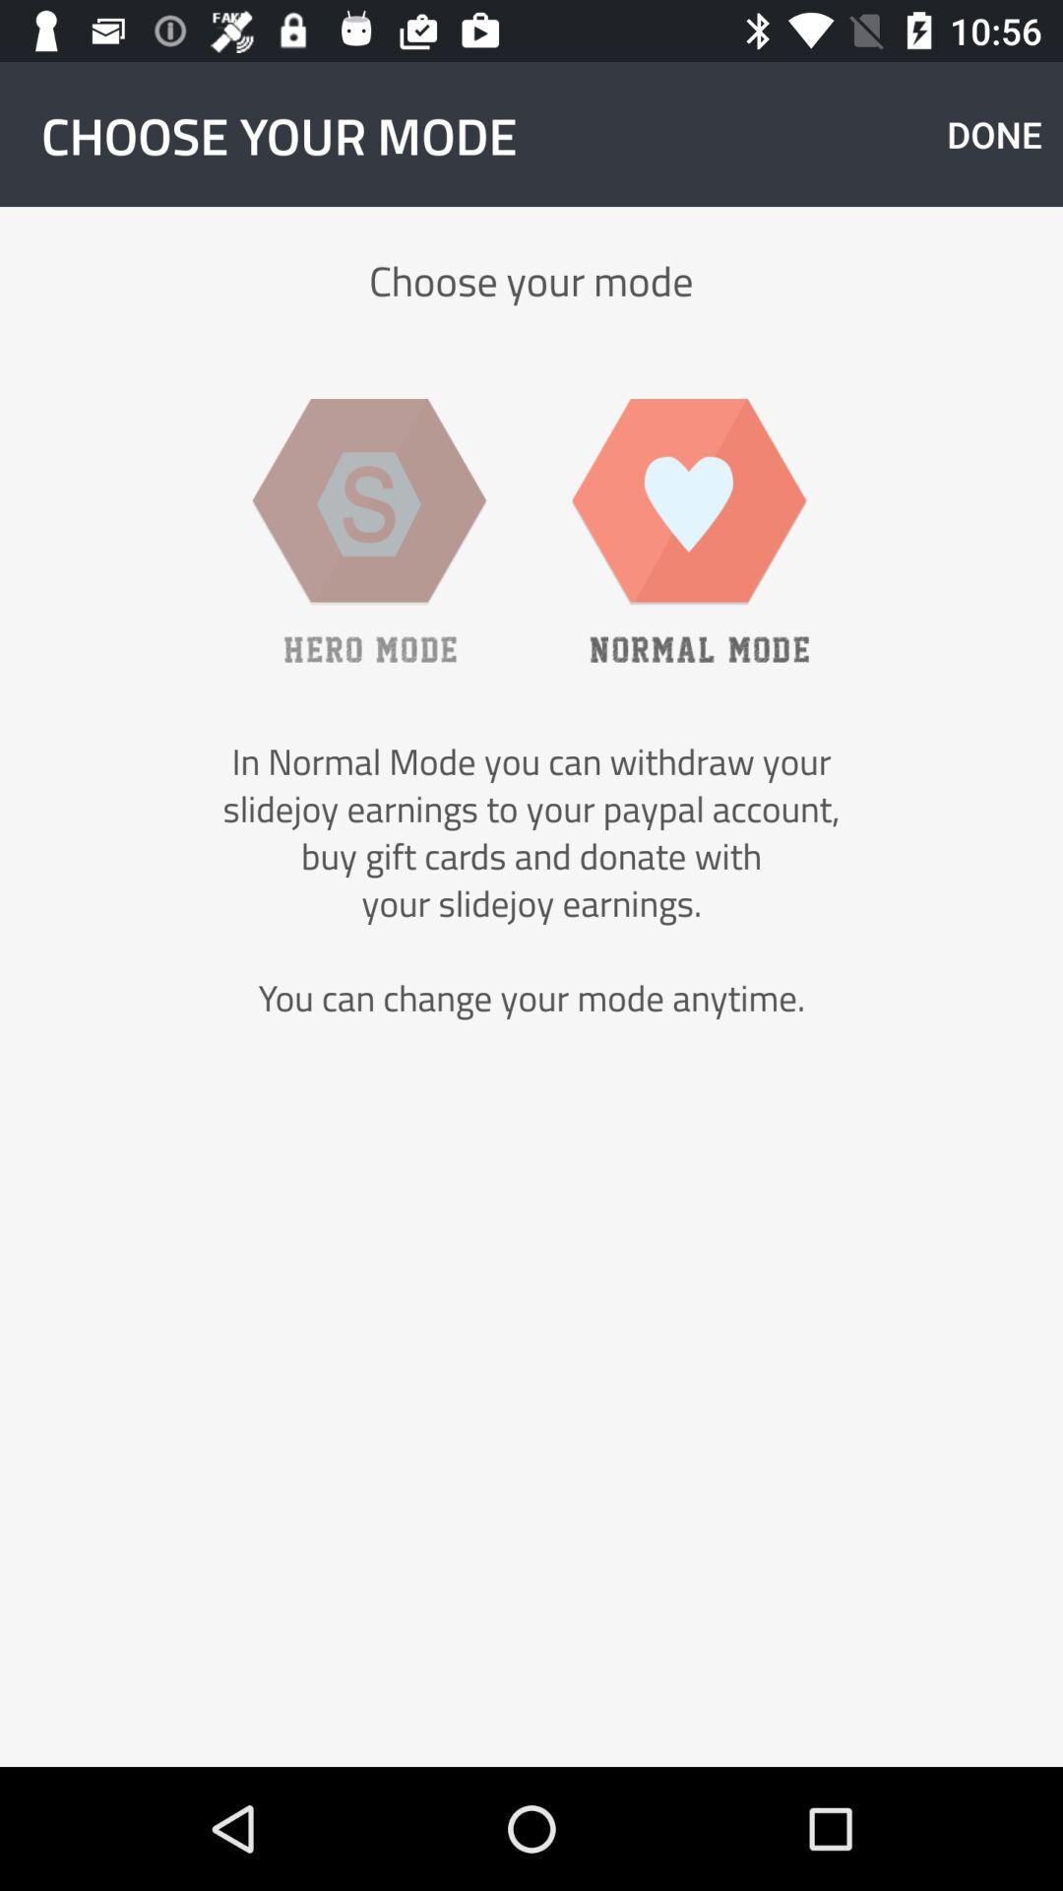 This screenshot has width=1063, height=1891. Describe the element at coordinates (690, 530) in the screenshot. I see `icon above the in normal mode item` at that location.